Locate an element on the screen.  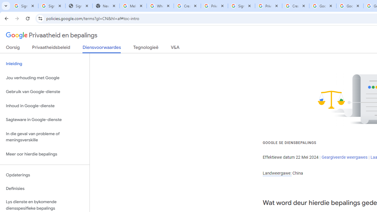
'Landweergawe:' is located at coordinates (277, 173).